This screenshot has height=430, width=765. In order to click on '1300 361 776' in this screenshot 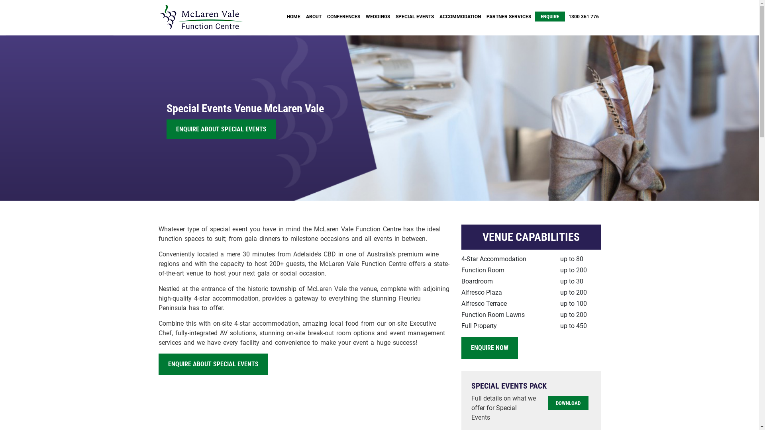, I will do `click(583, 17)`.